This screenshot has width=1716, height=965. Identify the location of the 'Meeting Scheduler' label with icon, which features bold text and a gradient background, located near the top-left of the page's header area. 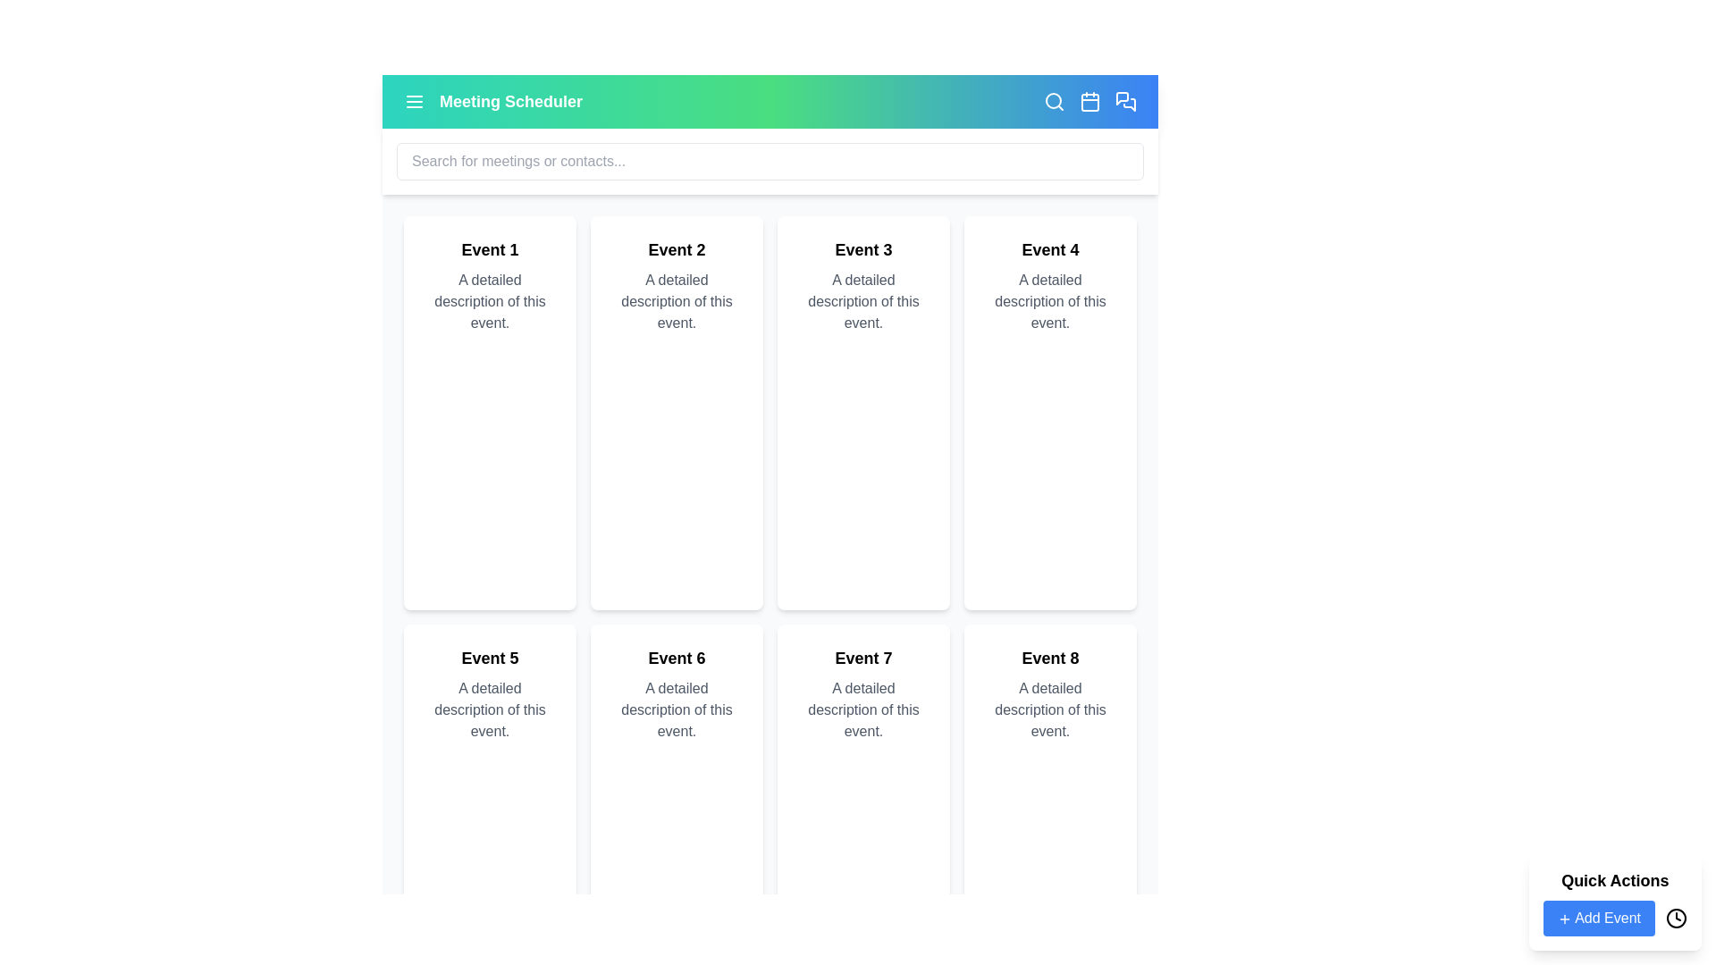
(493, 102).